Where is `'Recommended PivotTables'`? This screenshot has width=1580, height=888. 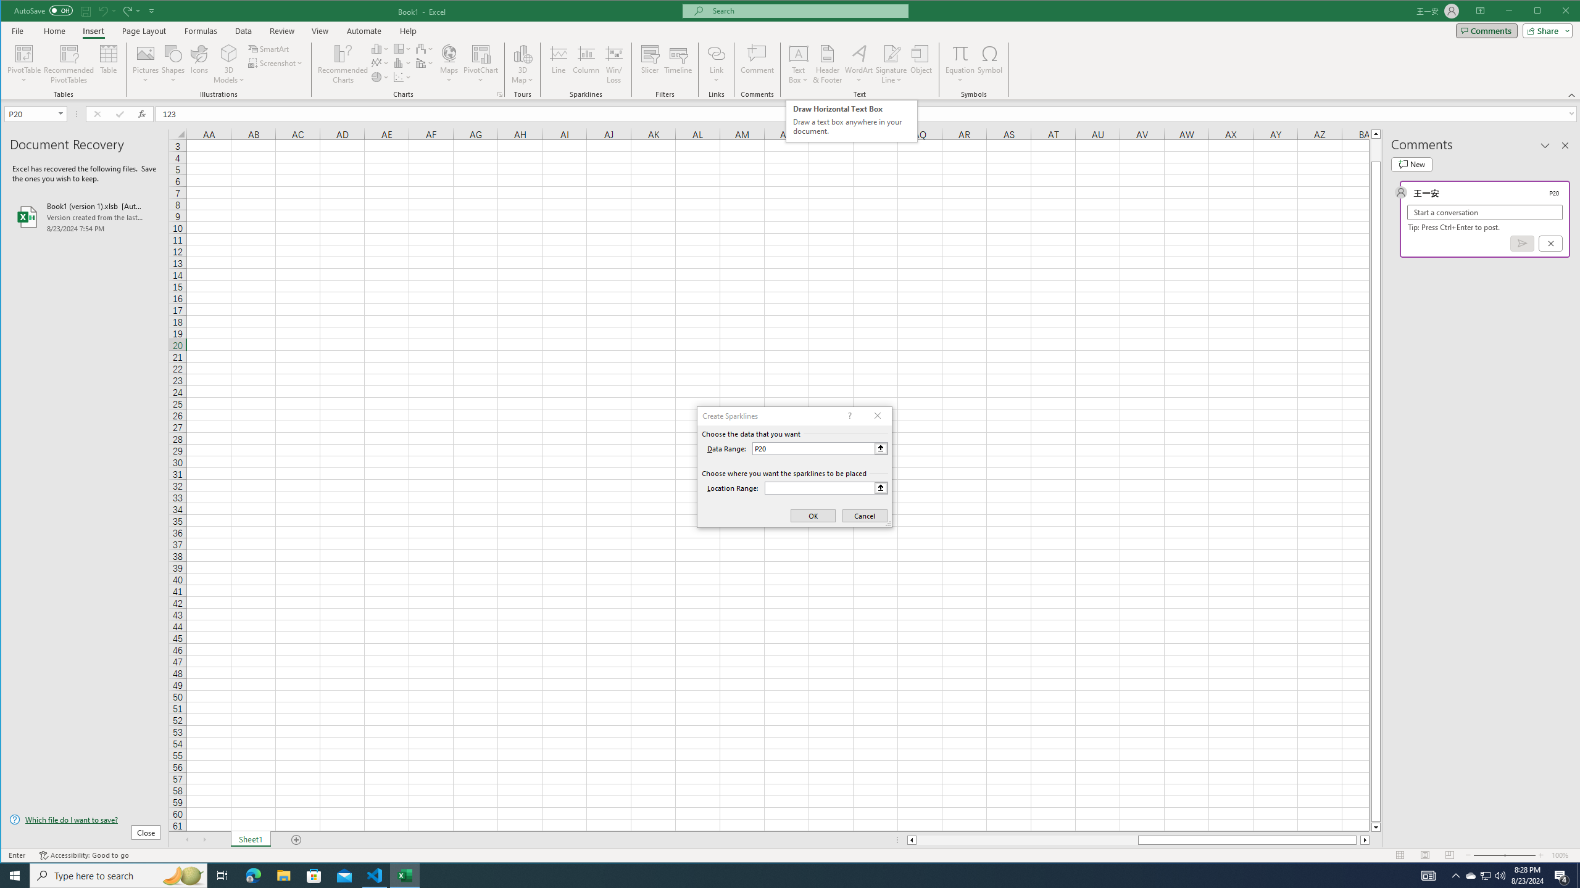 'Recommended PivotTables' is located at coordinates (69, 64).